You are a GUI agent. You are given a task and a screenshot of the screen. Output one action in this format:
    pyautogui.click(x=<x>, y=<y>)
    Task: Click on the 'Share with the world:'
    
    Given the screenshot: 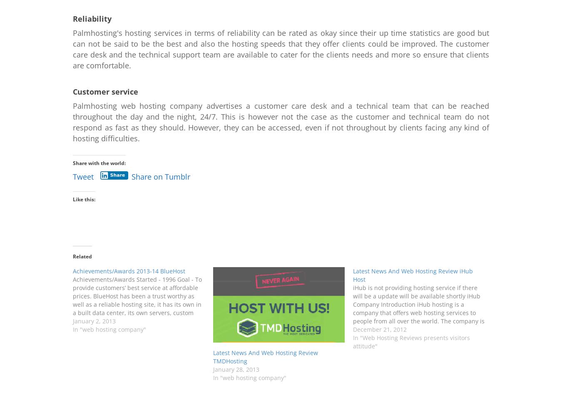 What is the action you would take?
    pyautogui.click(x=99, y=163)
    